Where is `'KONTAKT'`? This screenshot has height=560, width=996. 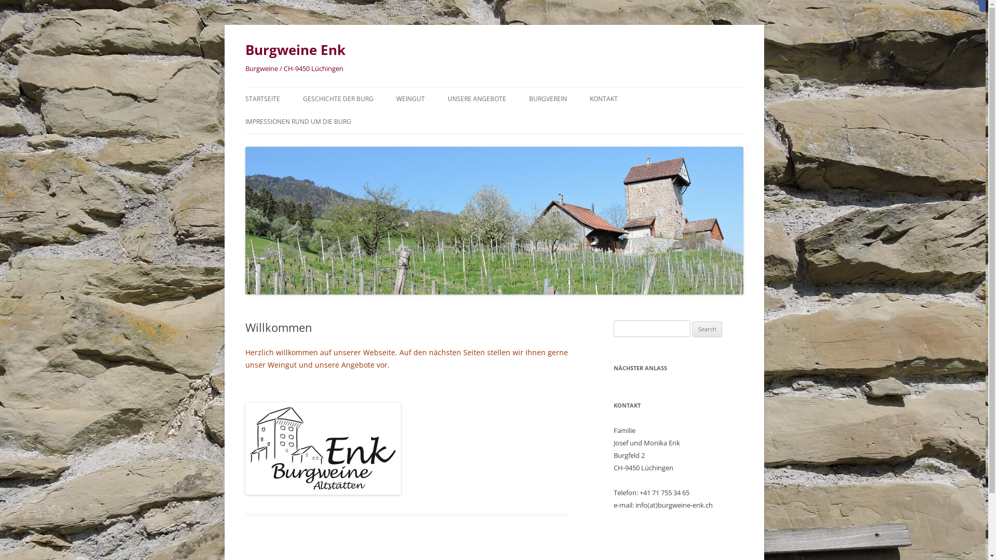 'KONTAKT' is located at coordinates (589, 99).